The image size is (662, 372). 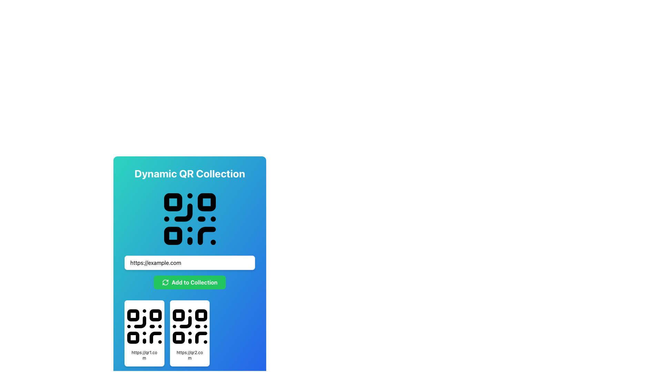 I want to click on the decorative or functional icon indicating reload, refresh, or update actions within the 'Add to Collection' button, located at the leftmost side of the button, so click(x=165, y=282).